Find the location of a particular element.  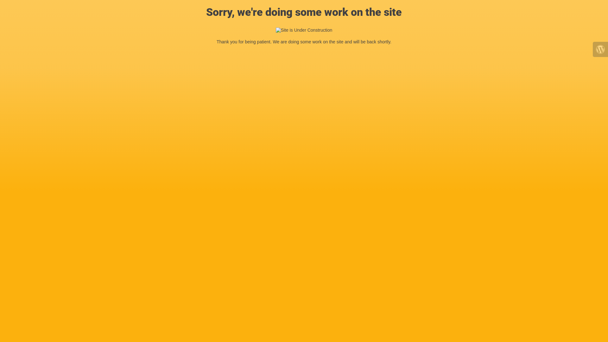

'Site is Under Construction' is located at coordinates (275, 30).